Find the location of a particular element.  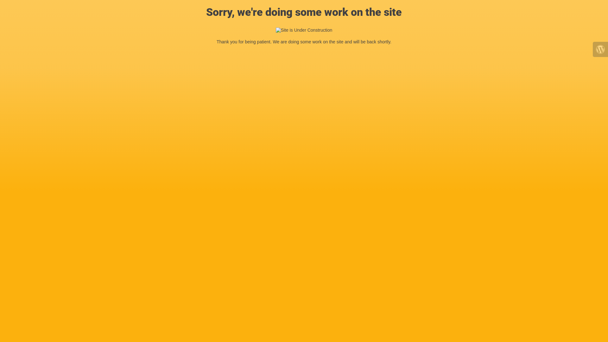

'Site is Under Construction' is located at coordinates (275, 30).